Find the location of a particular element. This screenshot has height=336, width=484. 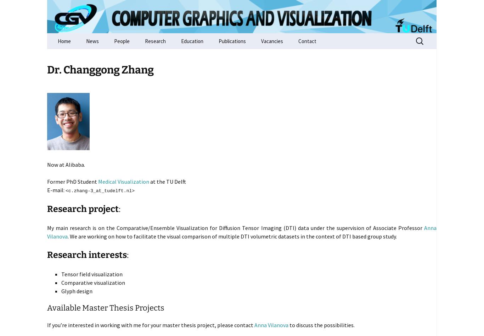

'E-mail:' is located at coordinates (47, 189).